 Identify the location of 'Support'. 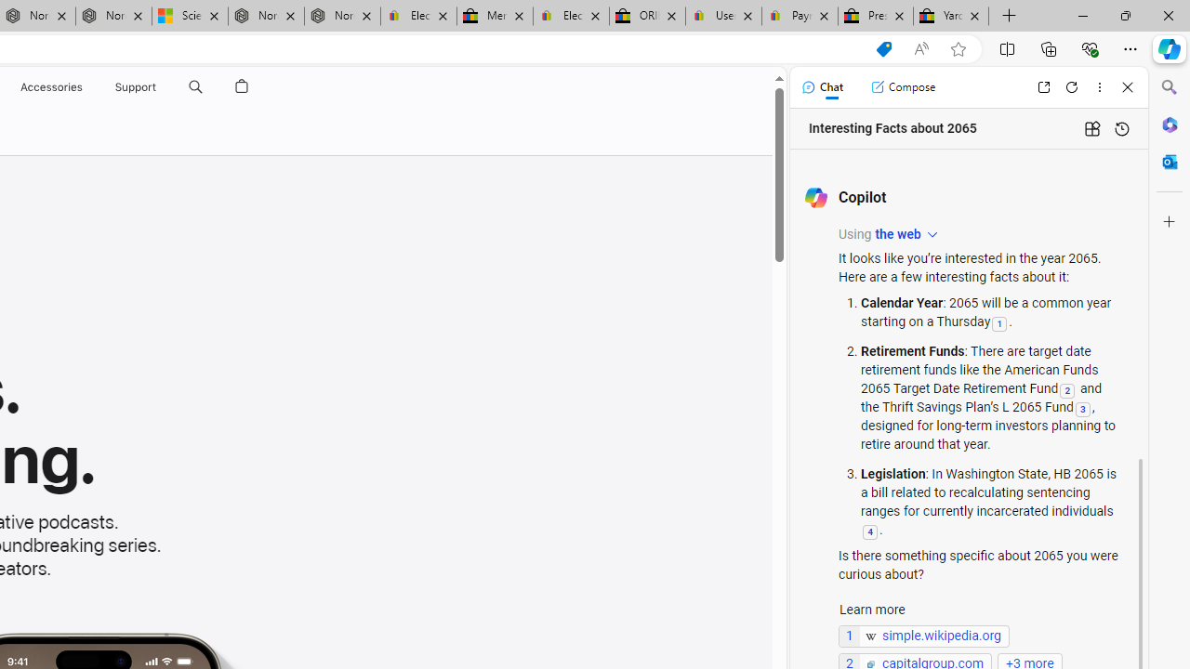
(135, 86).